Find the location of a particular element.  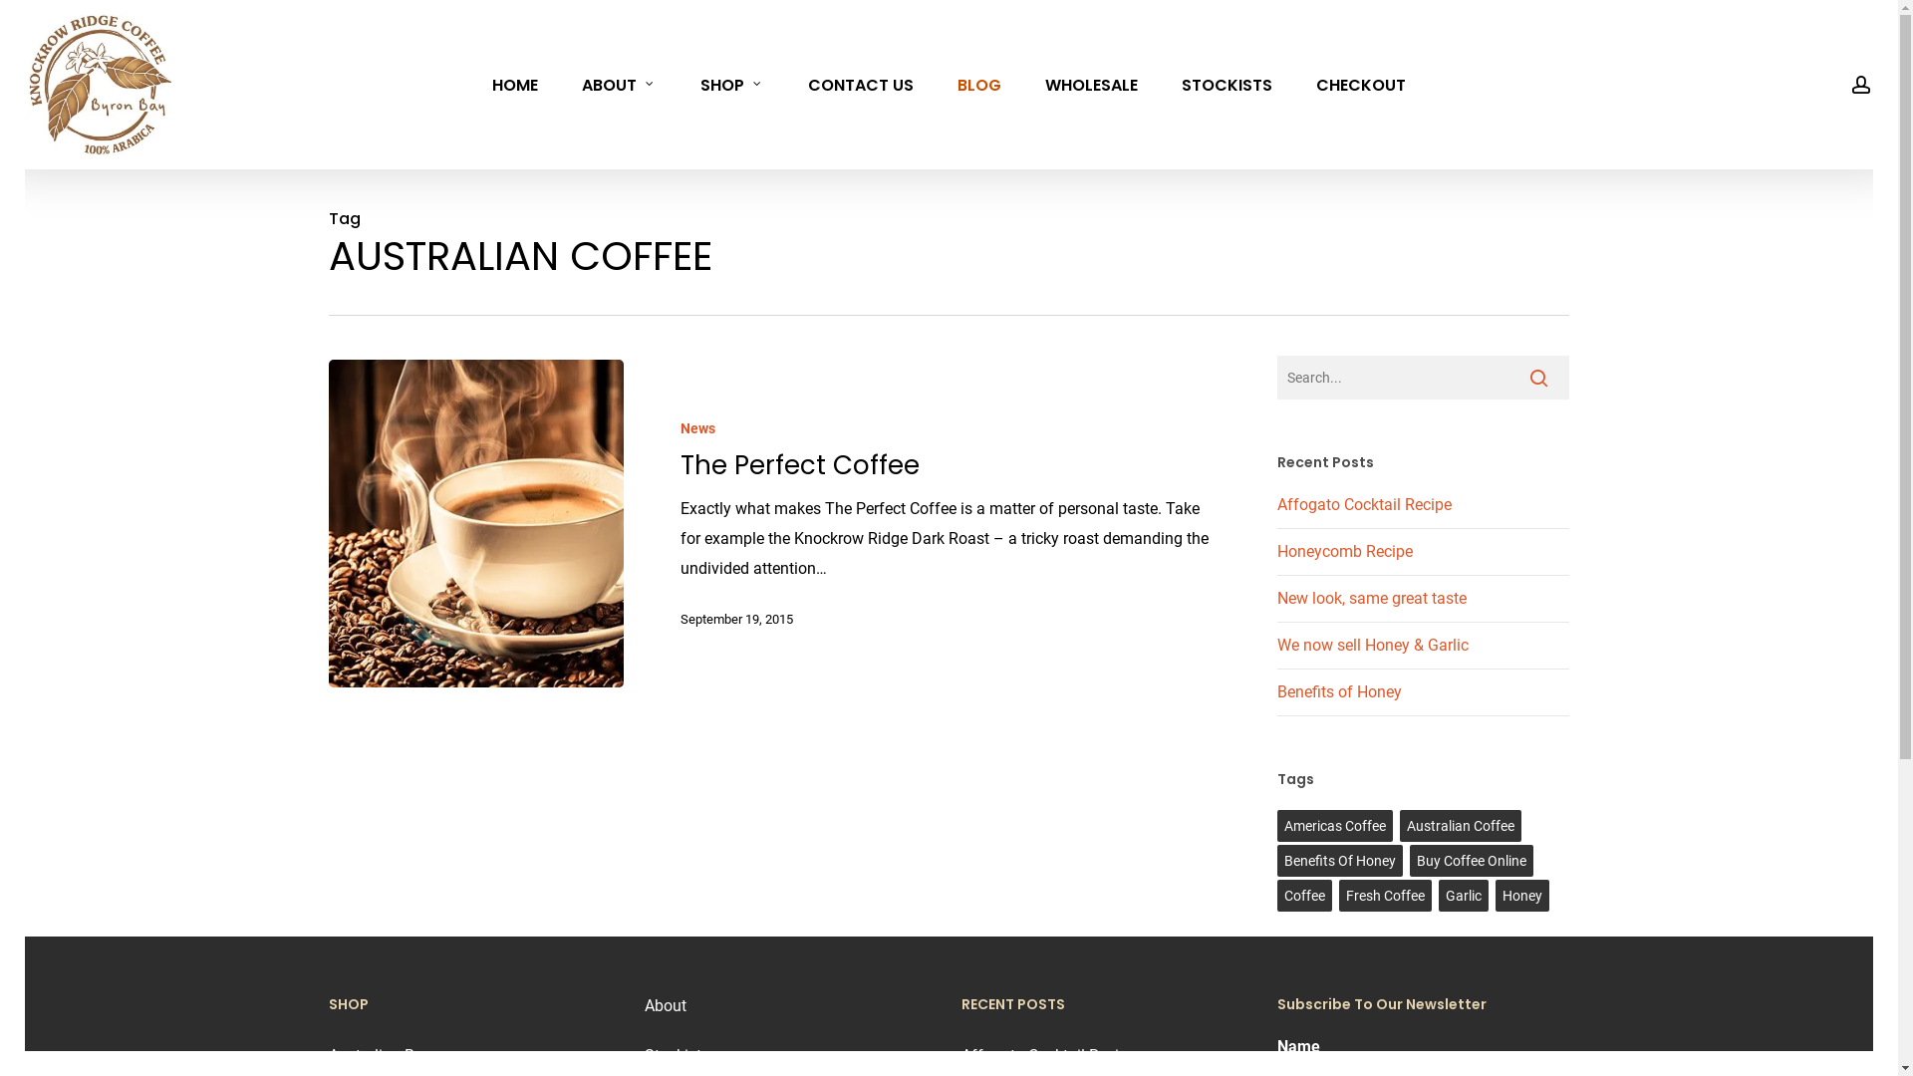

'Fresh Coffee' is located at coordinates (1384, 894).